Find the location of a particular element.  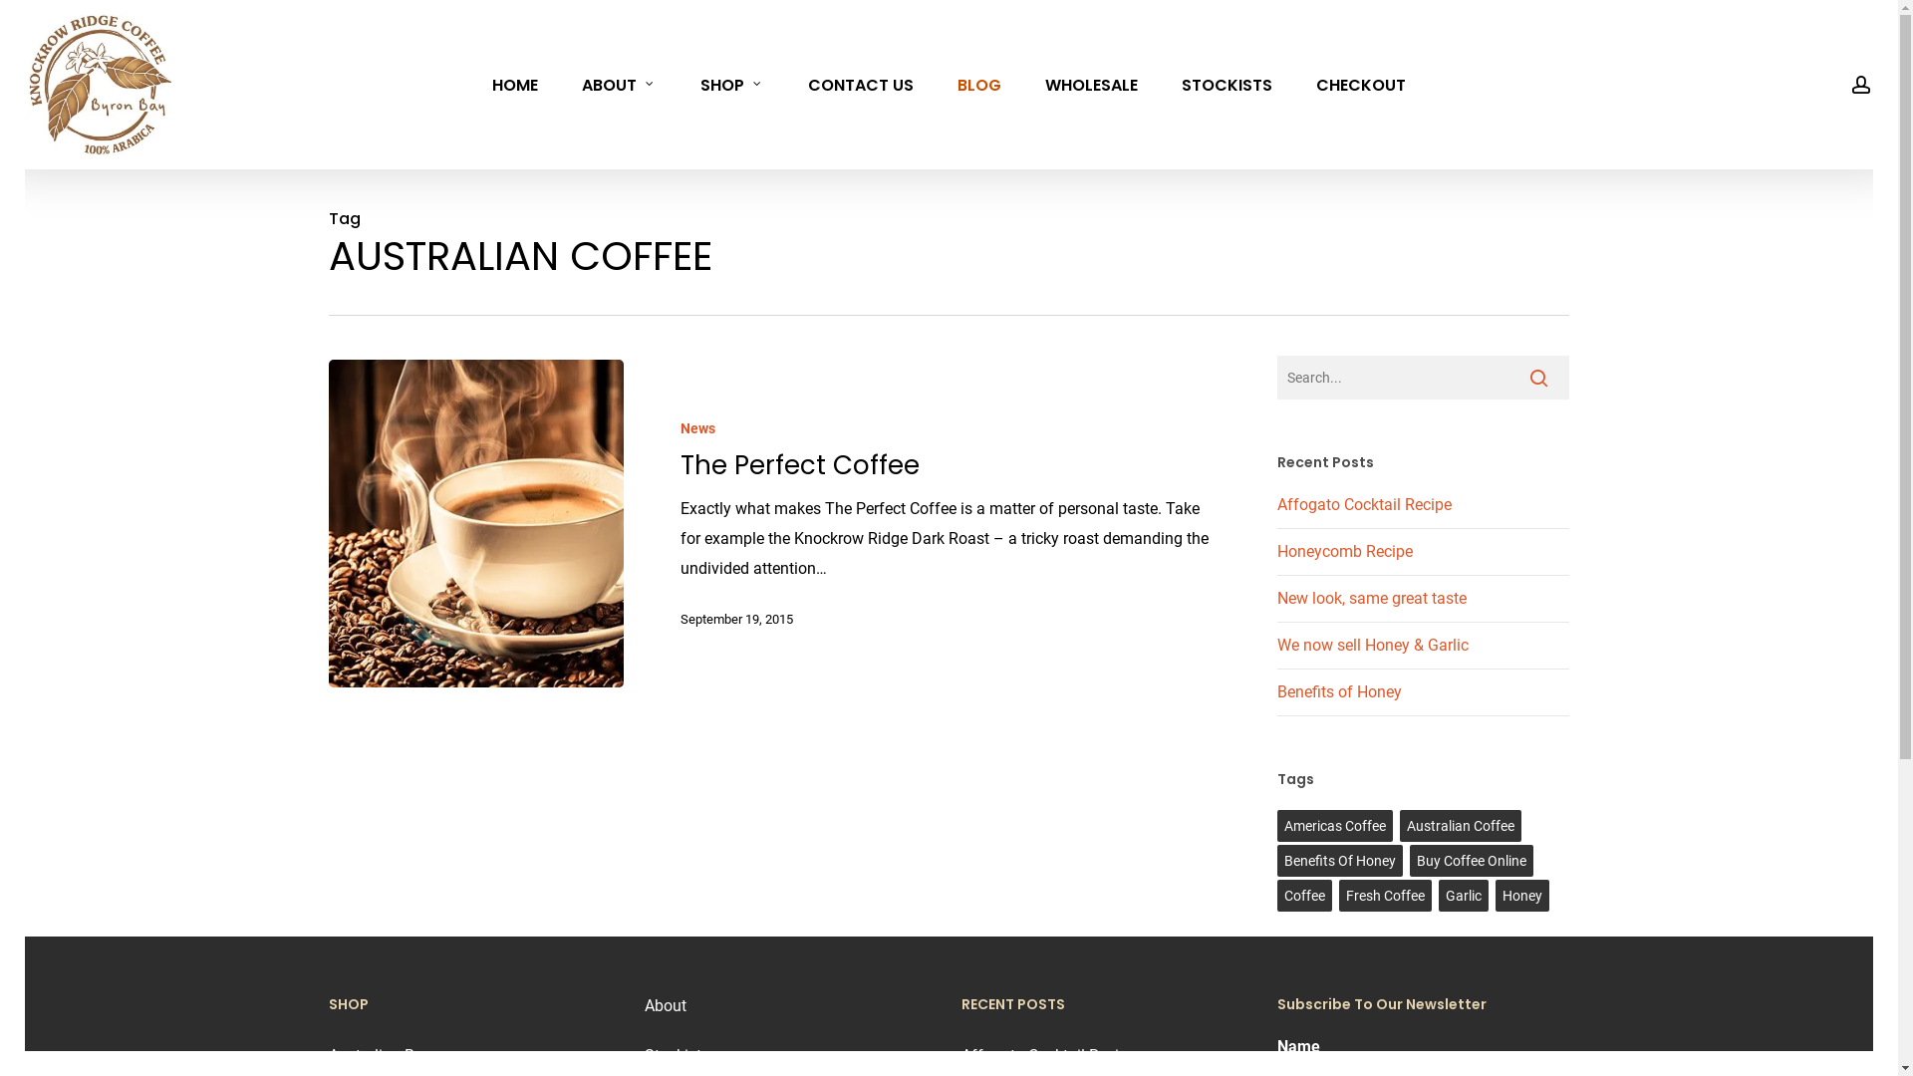

'Fresh Coffee' is located at coordinates (1384, 894).